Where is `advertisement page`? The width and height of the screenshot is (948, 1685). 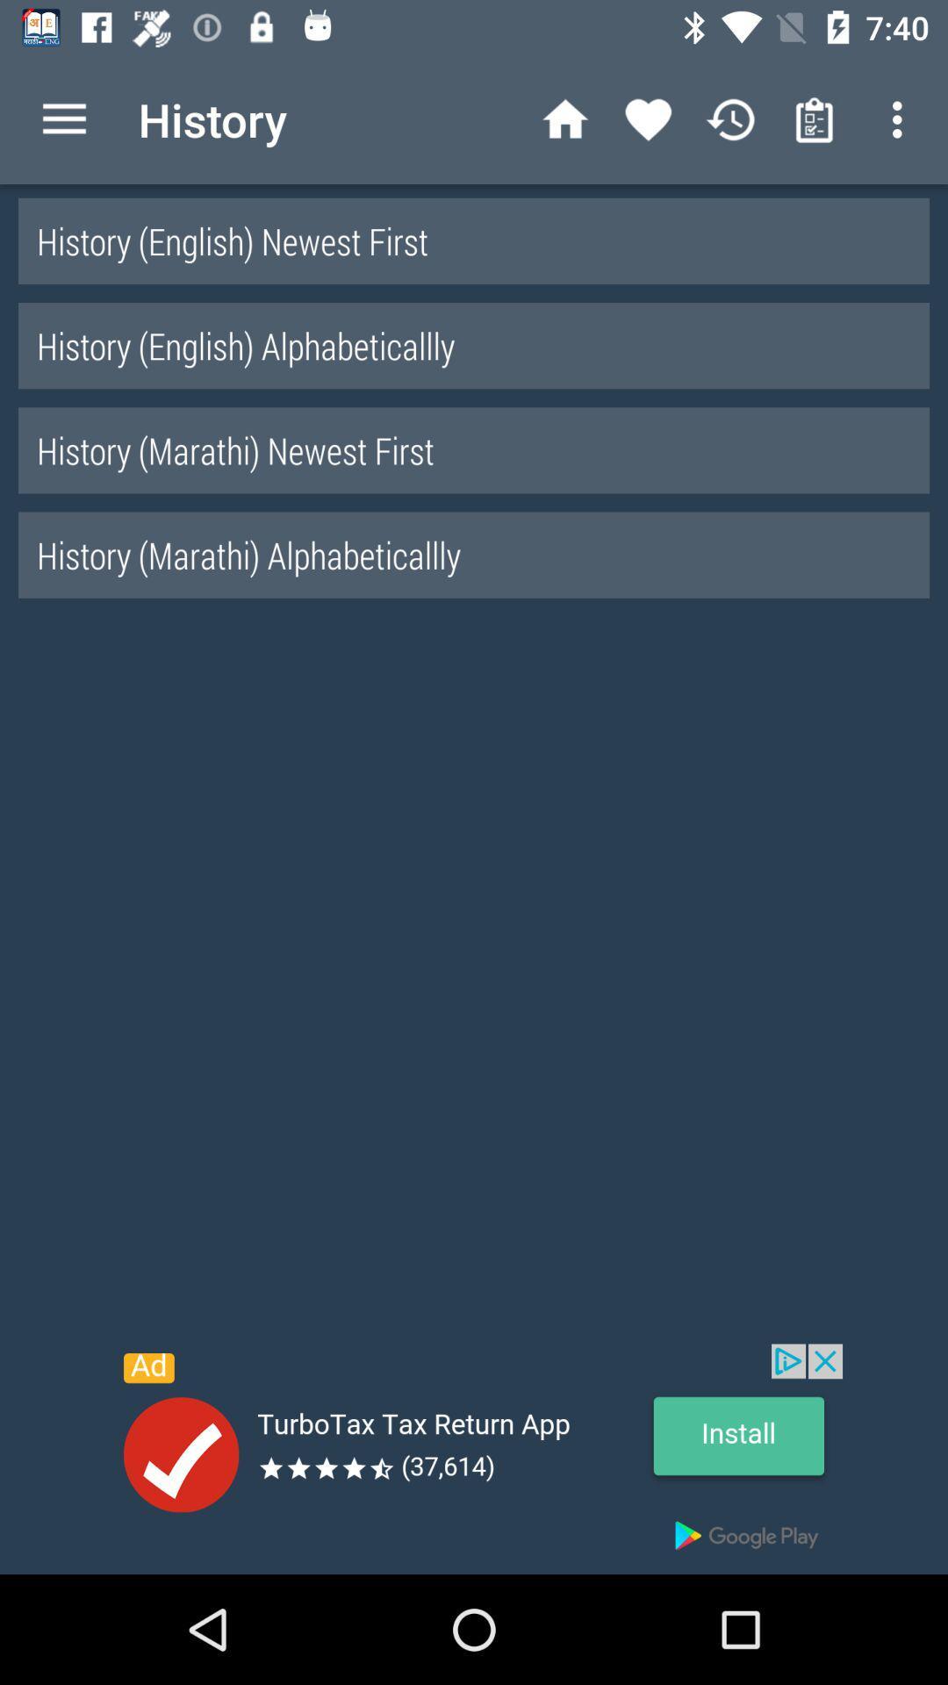 advertisement page is located at coordinates (474, 1459).